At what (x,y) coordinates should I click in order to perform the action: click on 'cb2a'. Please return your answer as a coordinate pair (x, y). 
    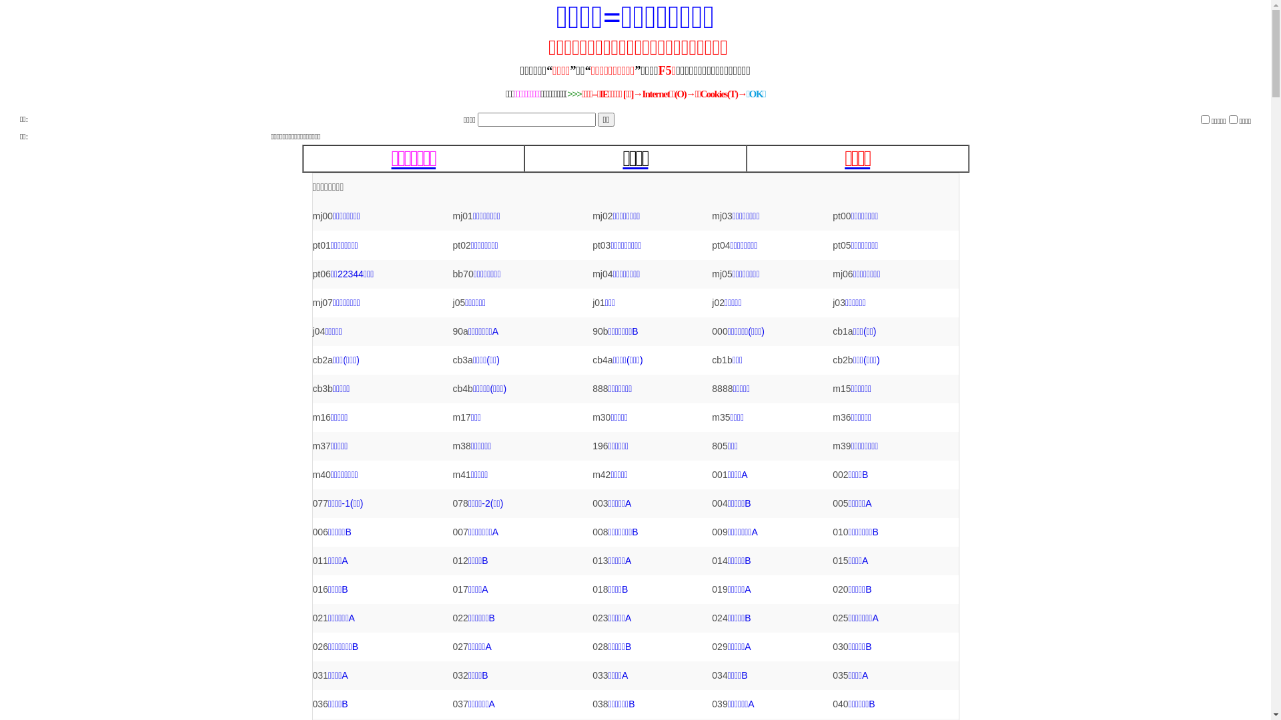
    Looking at the image, I should click on (322, 360).